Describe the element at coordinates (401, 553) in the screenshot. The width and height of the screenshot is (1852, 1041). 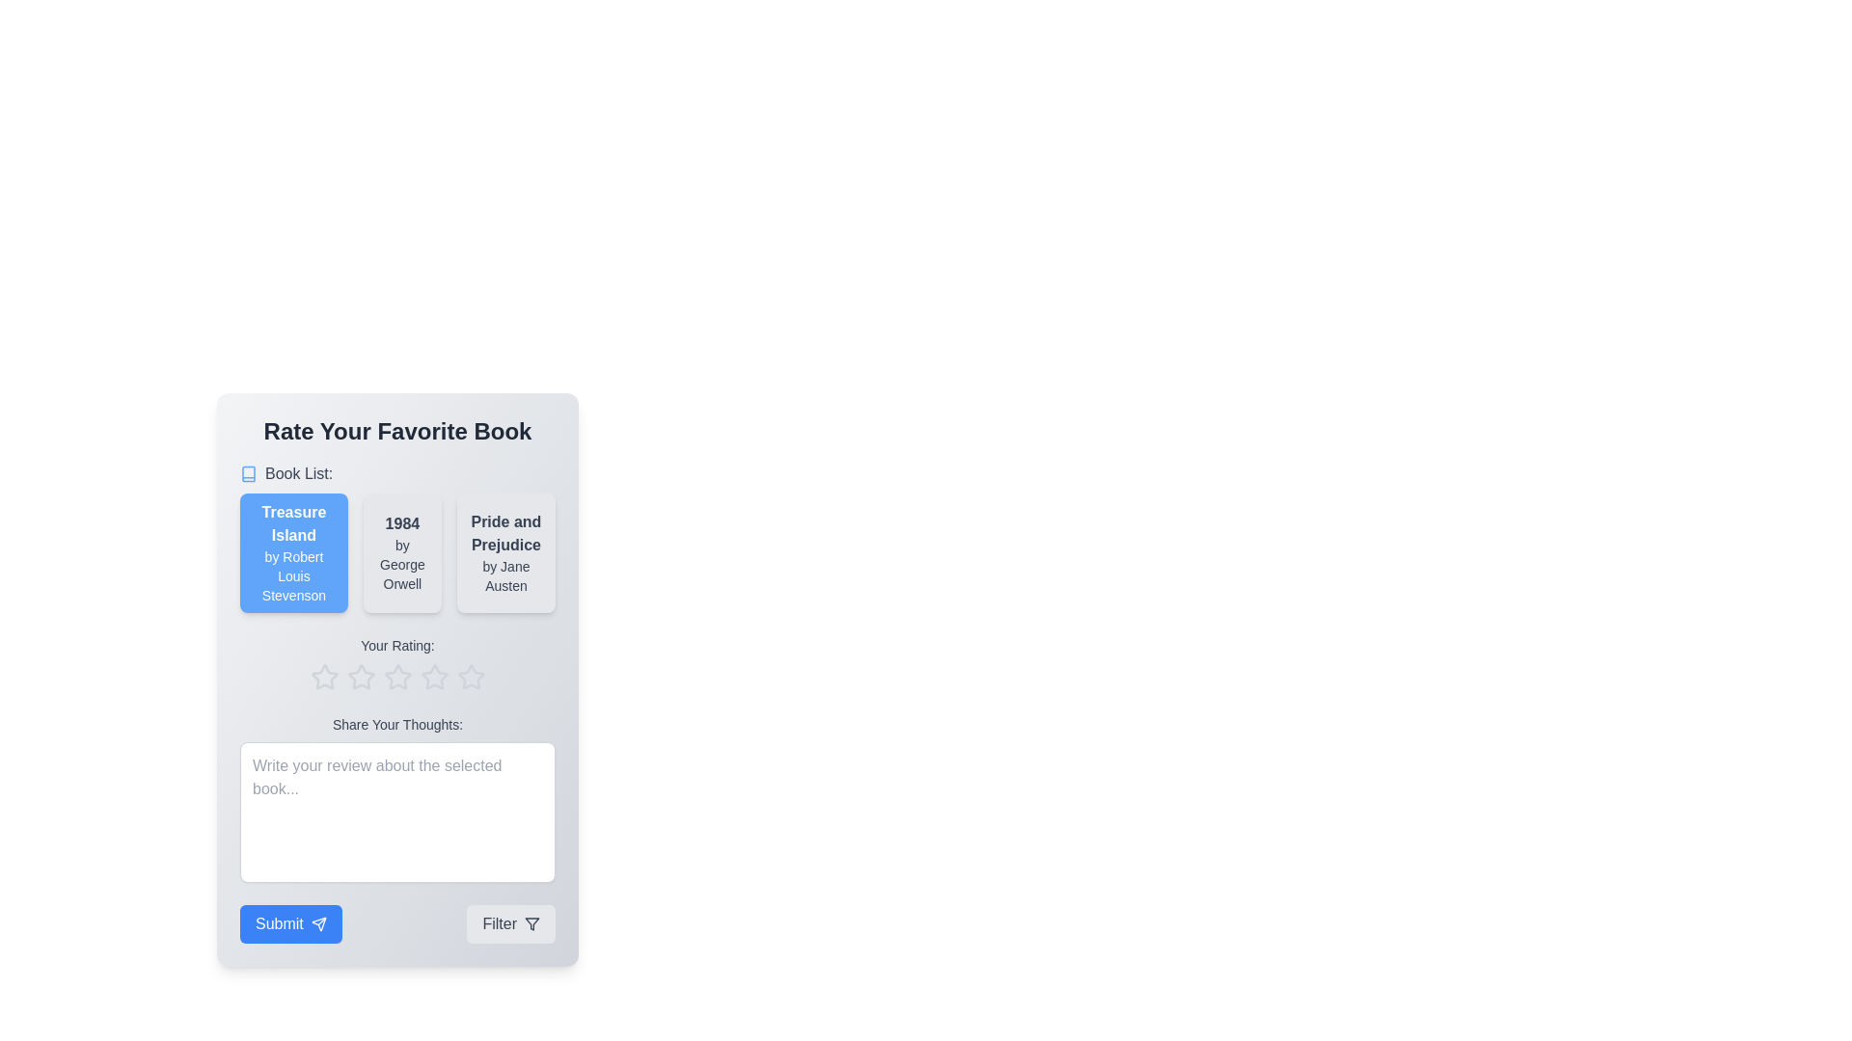
I see `the button representing the book '1984 by George Orwell'` at that location.